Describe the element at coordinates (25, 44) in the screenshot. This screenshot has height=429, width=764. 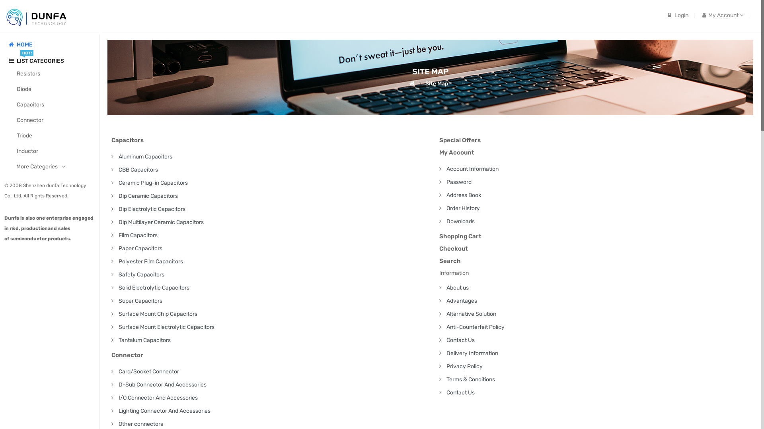
I see `'HOME'` at that location.